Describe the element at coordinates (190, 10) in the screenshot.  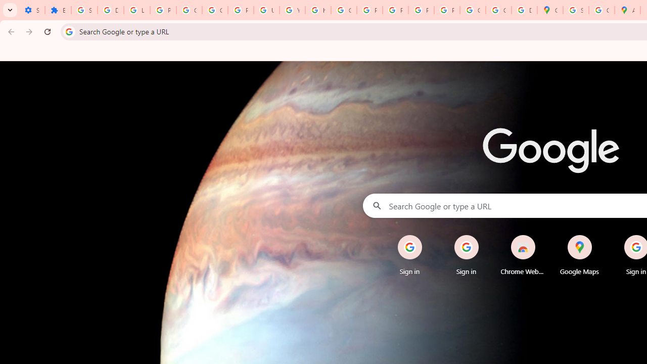
I see `'Google Account Help'` at that location.